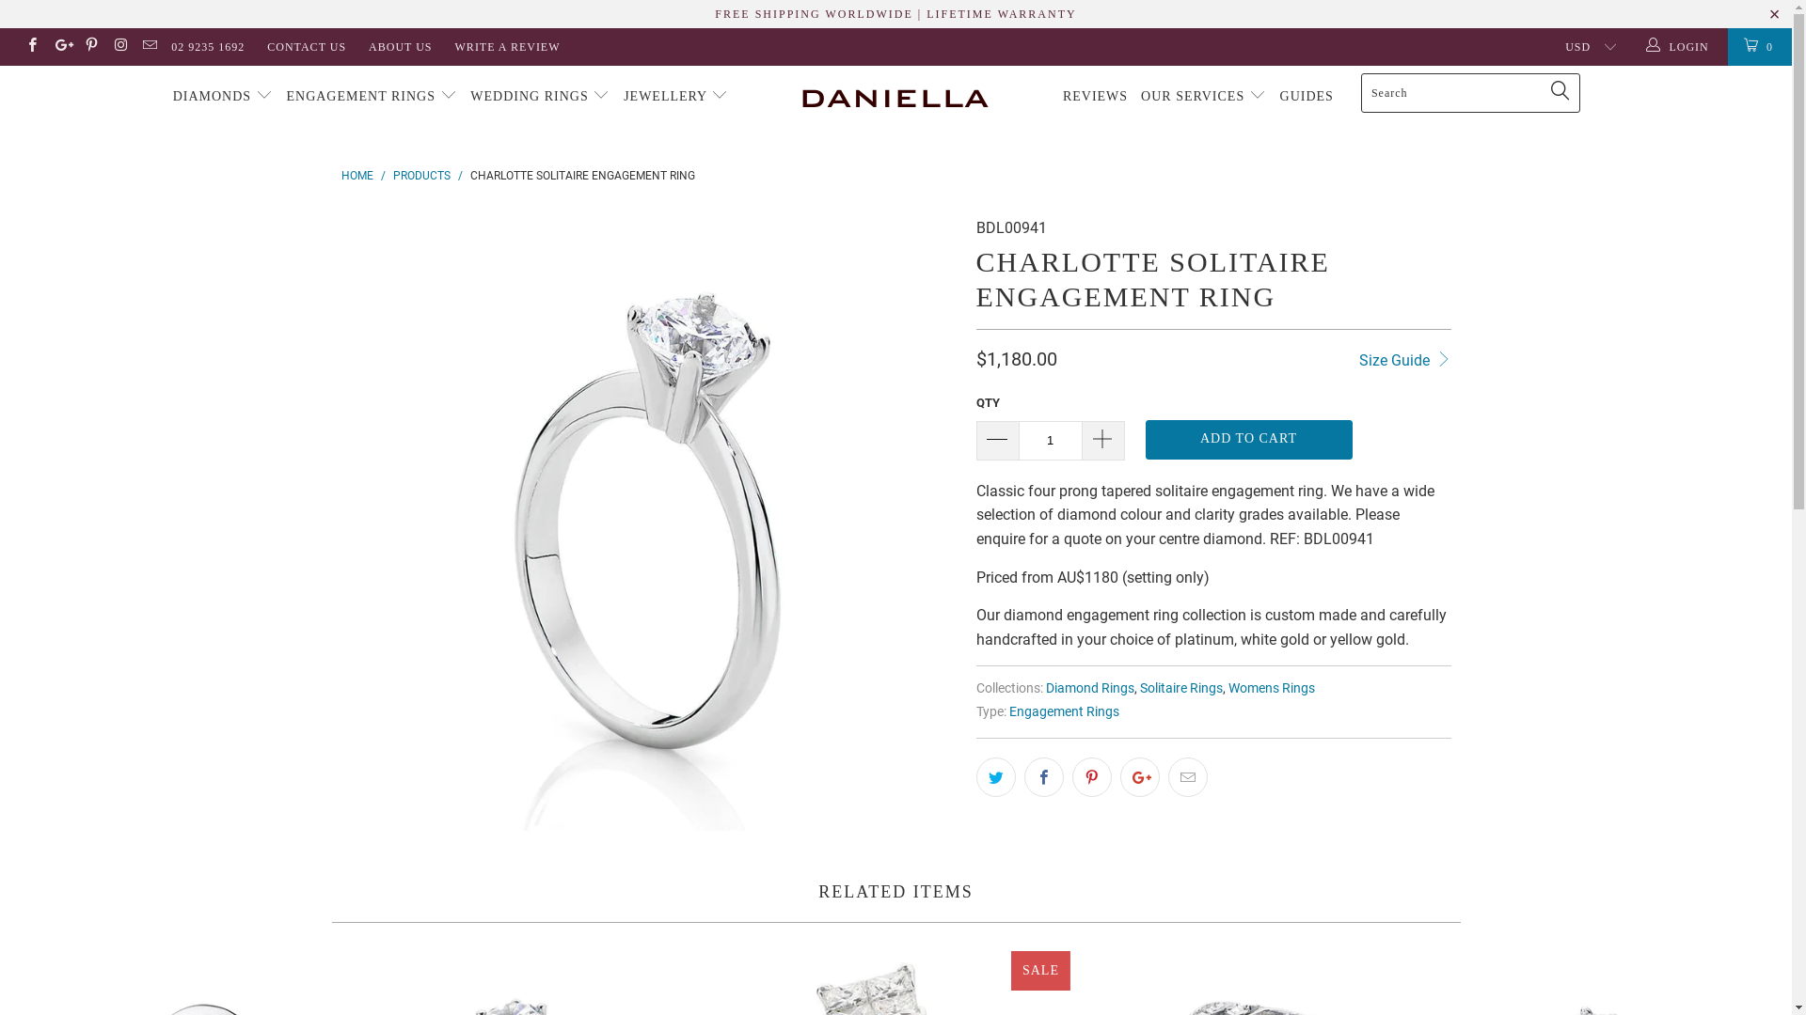  Describe the element at coordinates (1041, 776) in the screenshot. I see `'Share this on Facebook'` at that location.